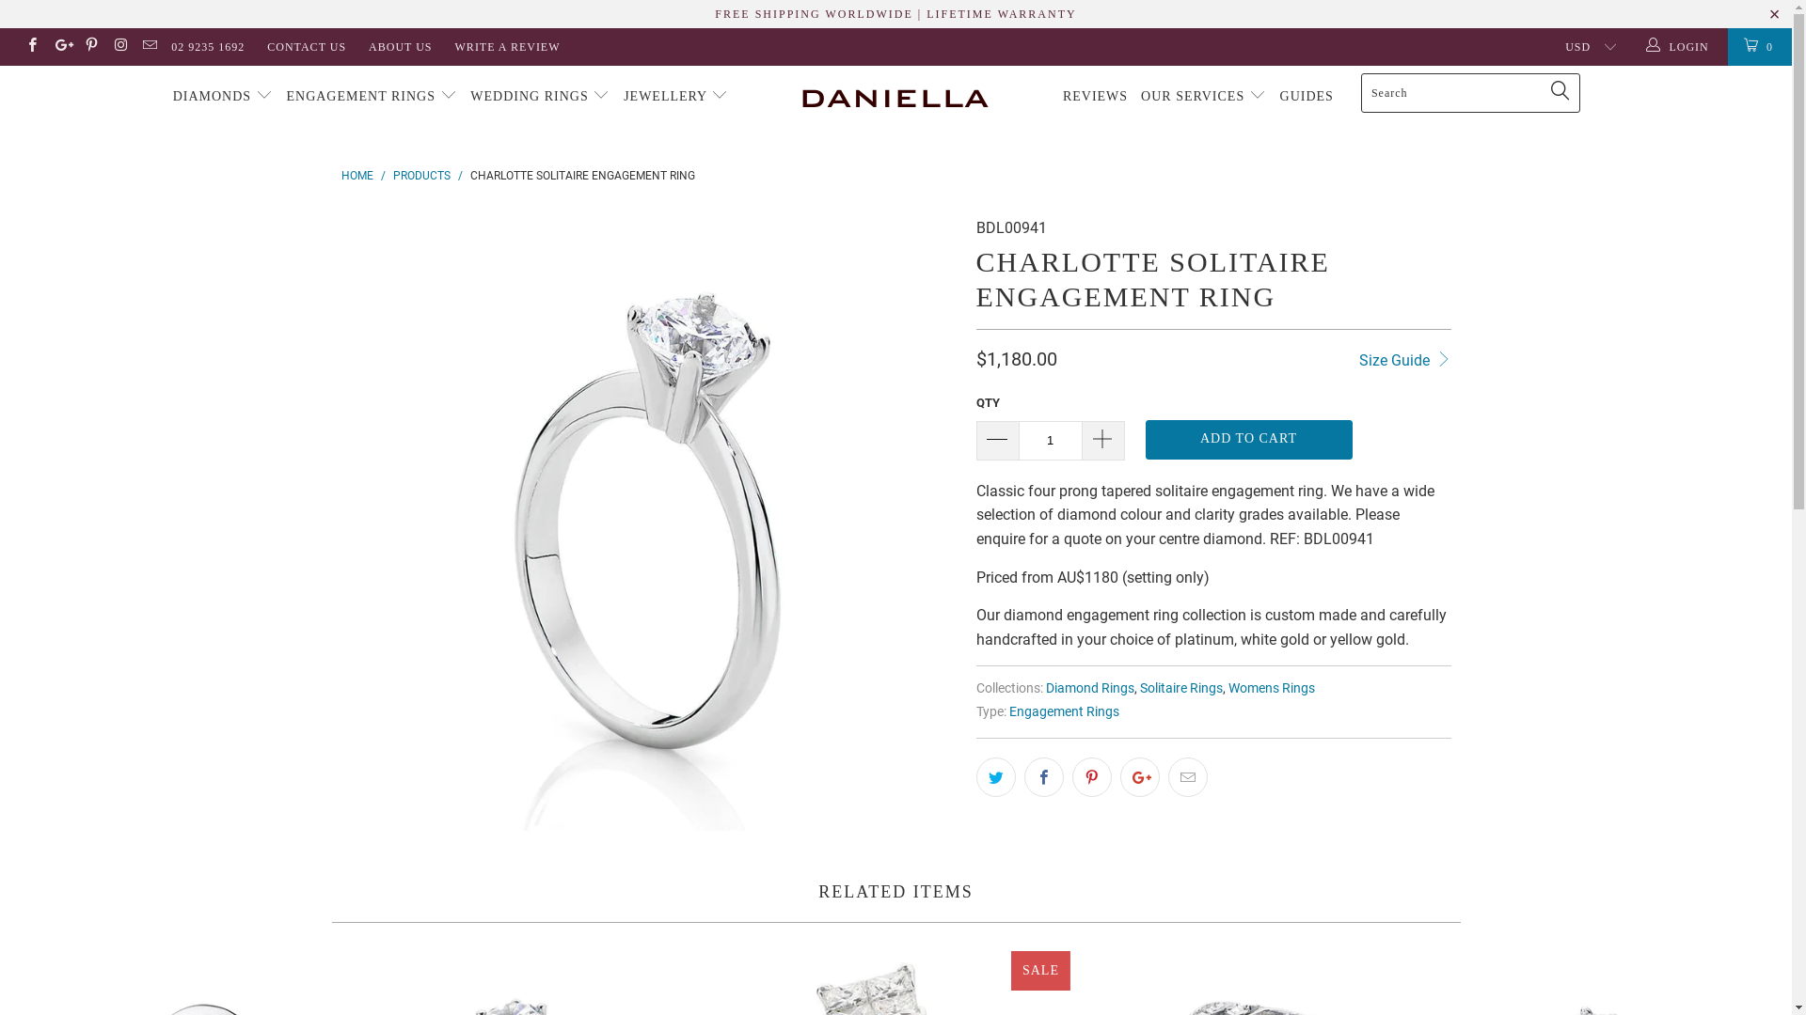  Describe the element at coordinates (1041, 776) in the screenshot. I see `'Share this on Facebook'` at that location.